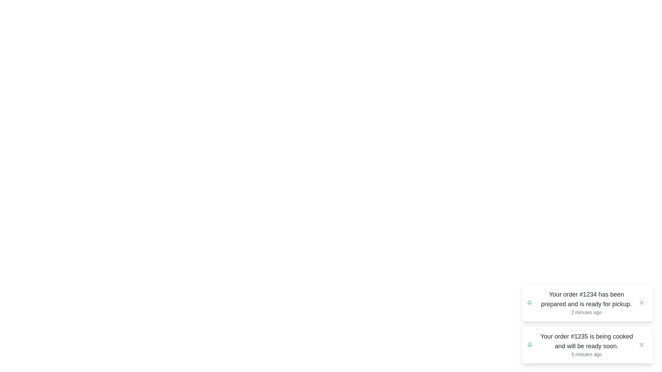 The height and width of the screenshot is (372, 662). What do you see at coordinates (641, 345) in the screenshot?
I see `the diagonal cross icon in the bottom-right corner of the notification card for order #1235` at bounding box center [641, 345].